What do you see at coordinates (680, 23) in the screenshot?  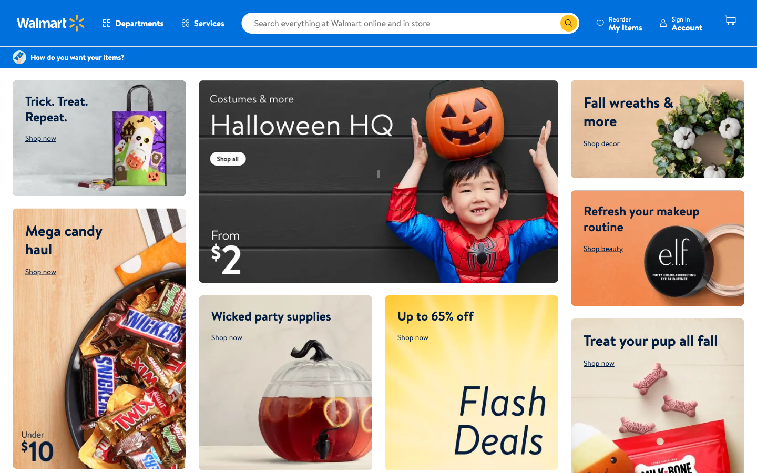 I see `your account details page` at bounding box center [680, 23].